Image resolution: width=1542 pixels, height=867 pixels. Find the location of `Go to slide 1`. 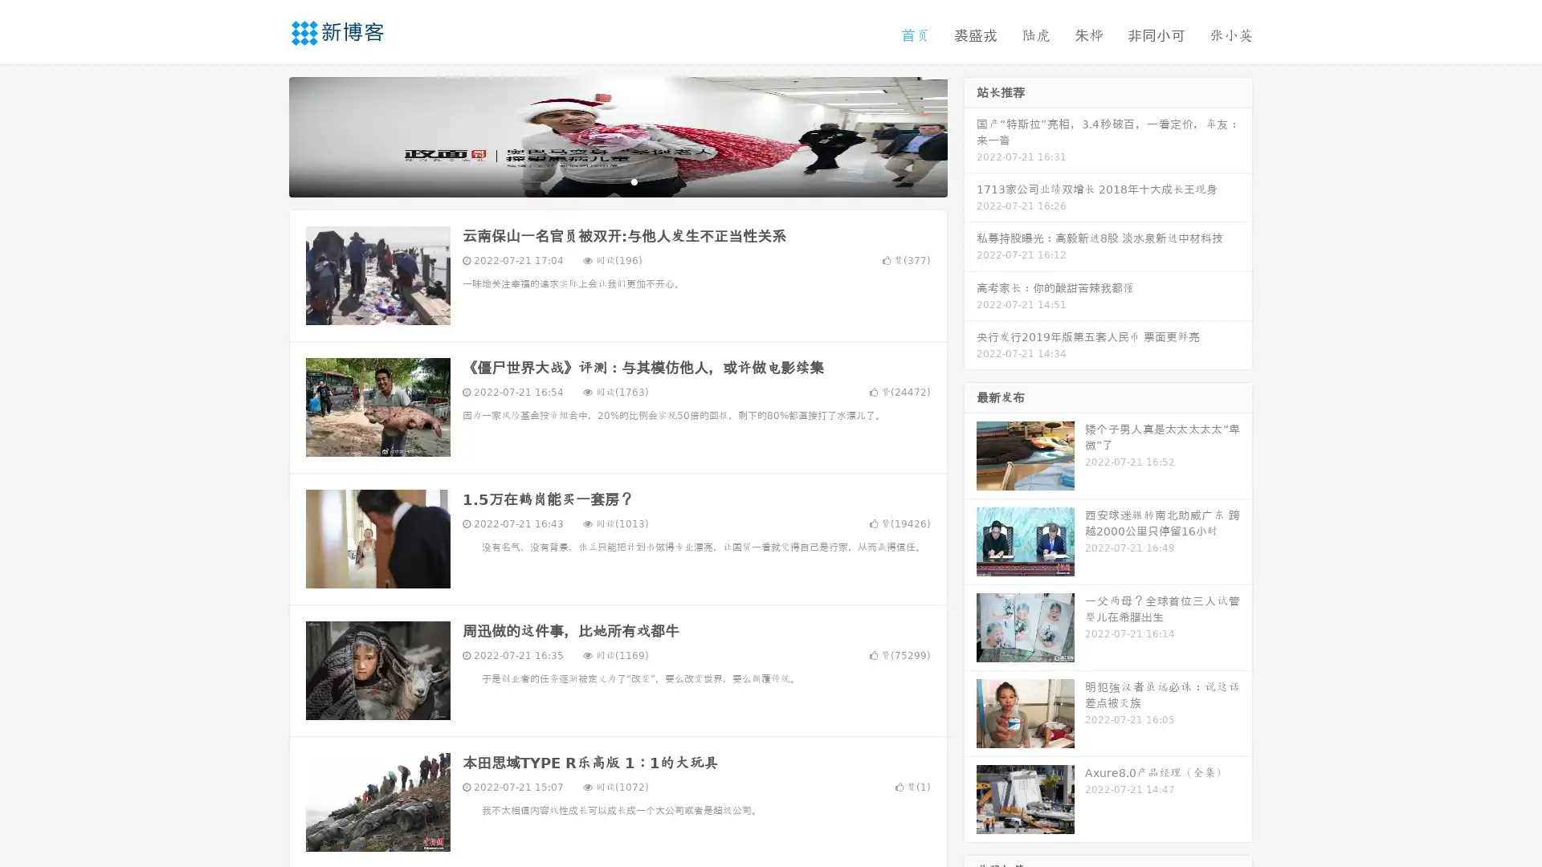

Go to slide 1 is located at coordinates (601, 181).